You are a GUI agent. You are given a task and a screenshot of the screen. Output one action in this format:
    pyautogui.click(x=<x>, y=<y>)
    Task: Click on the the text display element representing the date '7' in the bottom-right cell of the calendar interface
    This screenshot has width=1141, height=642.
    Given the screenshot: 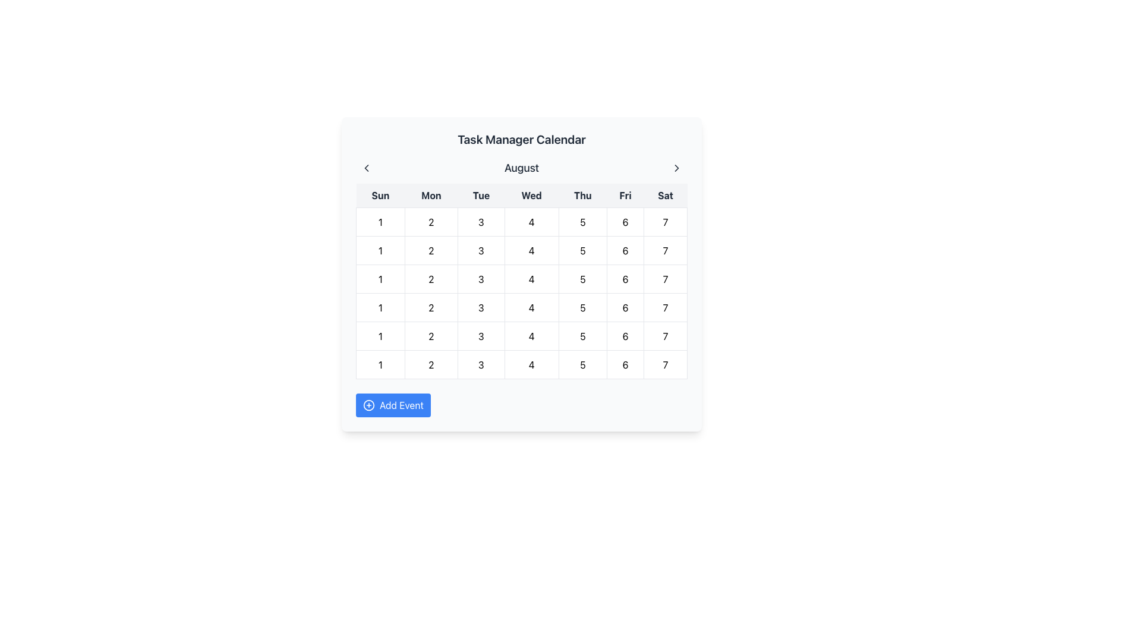 What is the action you would take?
    pyautogui.click(x=666, y=307)
    